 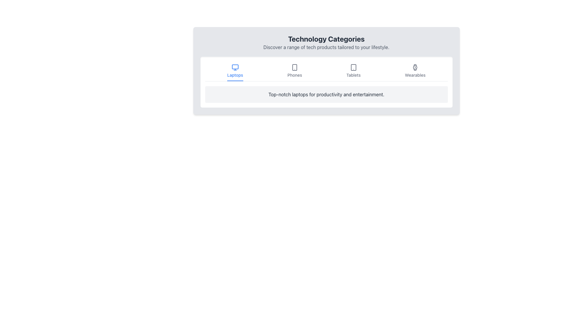 What do you see at coordinates (353, 71) in the screenshot?
I see `the 'Tablets' button, which is a vertically aligned button with a tablet icon and the text label 'Tablets'` at bounding box center [353, 71].